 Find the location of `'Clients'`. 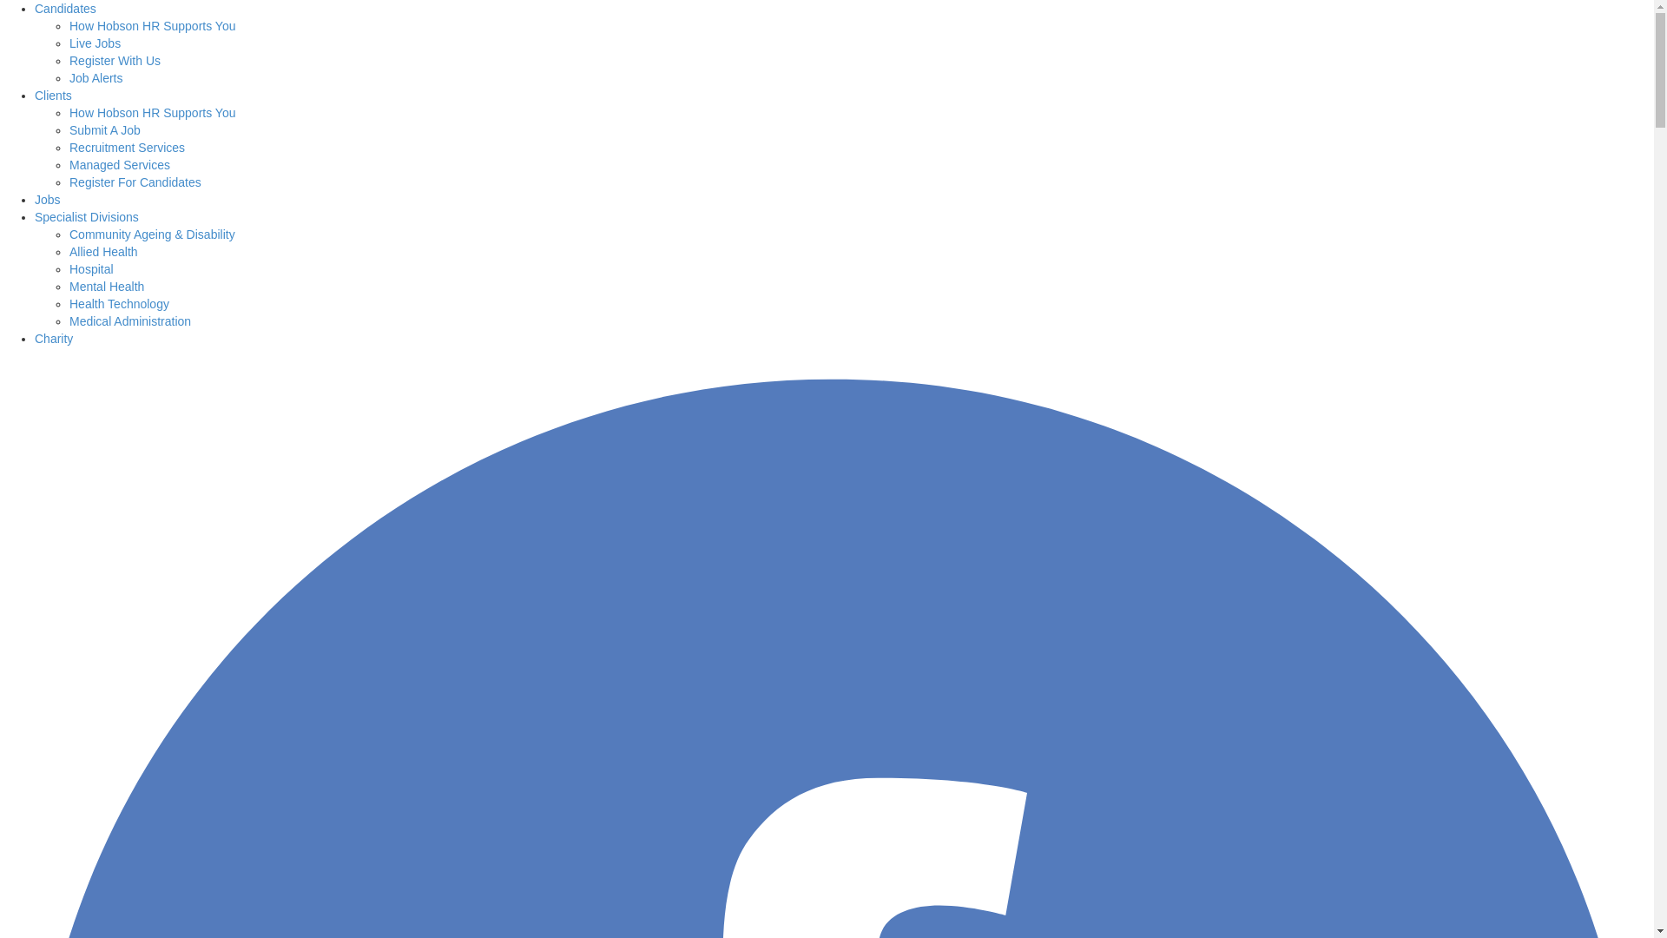

'Clients' is located at coordinates (53, 96).